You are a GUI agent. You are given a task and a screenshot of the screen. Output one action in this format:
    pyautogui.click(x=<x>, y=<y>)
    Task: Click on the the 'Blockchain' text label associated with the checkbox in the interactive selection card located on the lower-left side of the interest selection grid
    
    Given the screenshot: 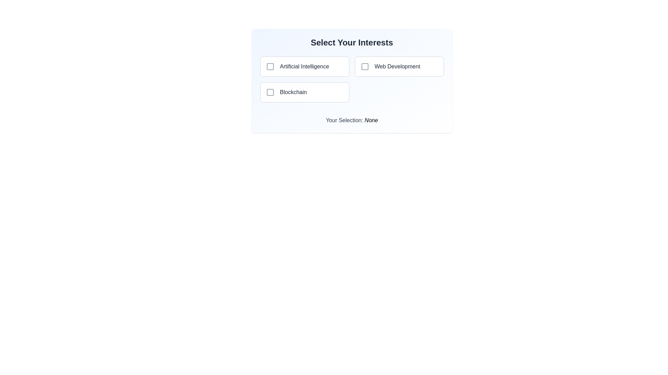 What is the action you would take?
    pyautogui.click(x=293, y=92)
    